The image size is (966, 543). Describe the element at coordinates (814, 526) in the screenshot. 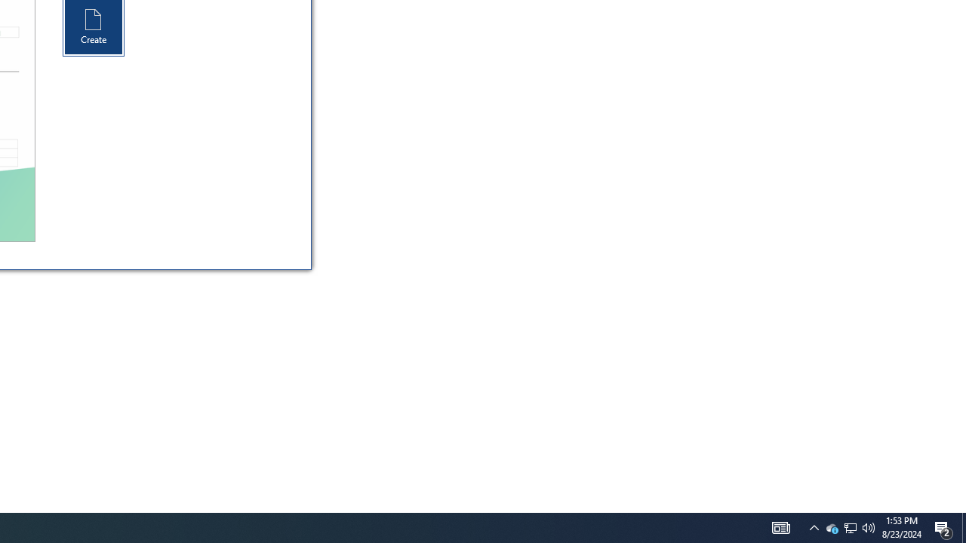

I see `'User Promoted Notification Area'` at that location.